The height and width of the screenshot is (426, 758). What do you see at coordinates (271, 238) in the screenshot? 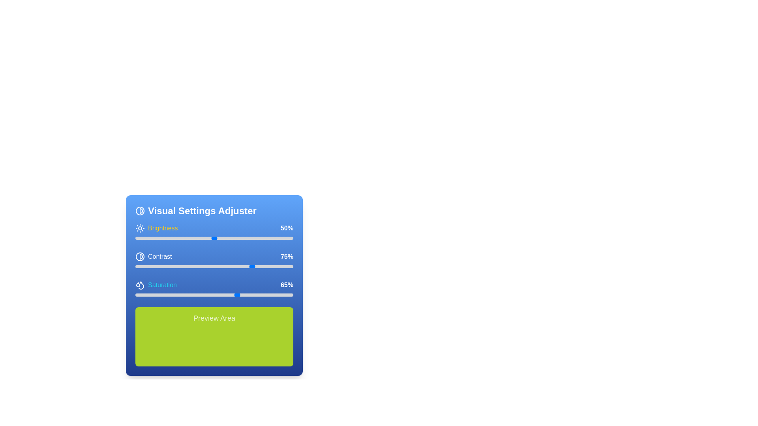
I see `the brightness` at bounding box center [271, 238].